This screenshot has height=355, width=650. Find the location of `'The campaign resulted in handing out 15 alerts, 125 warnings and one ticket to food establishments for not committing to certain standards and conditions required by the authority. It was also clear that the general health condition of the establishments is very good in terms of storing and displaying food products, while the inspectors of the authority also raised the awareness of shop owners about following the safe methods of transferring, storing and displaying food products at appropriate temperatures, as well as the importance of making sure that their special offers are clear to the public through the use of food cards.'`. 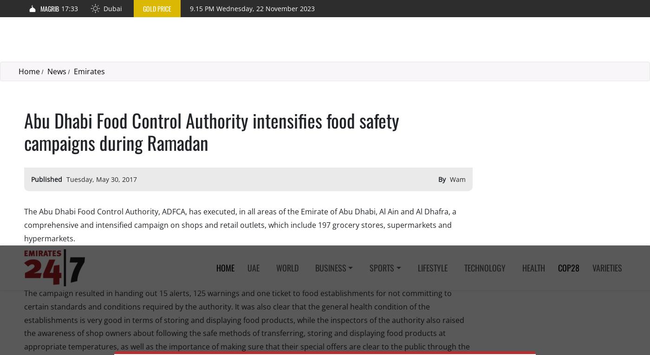

'The campaign resulted in handing out 15 alerts, 125 warnings and one ticket to food establishments for not committing to certain standards and conditions required by the authority. It was also clear that the general health condition of the establishments is very good in terms of storing and displaying food products, while the inspectors of the authority also raised the awareness of shop owners about following the safe methods of transferring, storing and displaying food products at appropriate temperatures, as well as the importance of making sure that their special offers are clear to the public through the use of food cards.' is located at coordinates (247, 80).